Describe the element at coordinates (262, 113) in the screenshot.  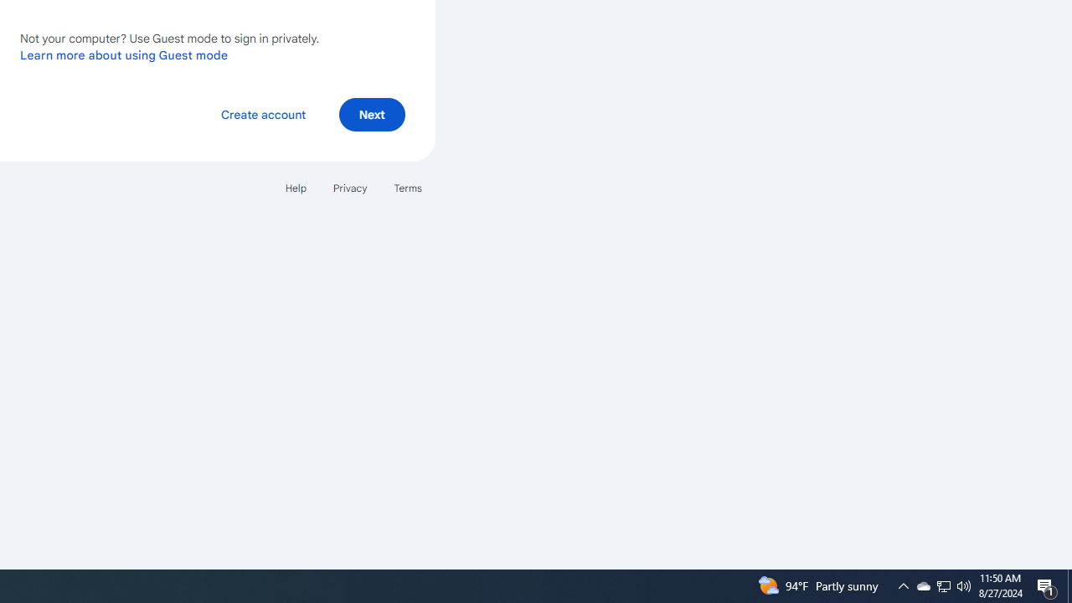
I see `'Create account'` at that location.